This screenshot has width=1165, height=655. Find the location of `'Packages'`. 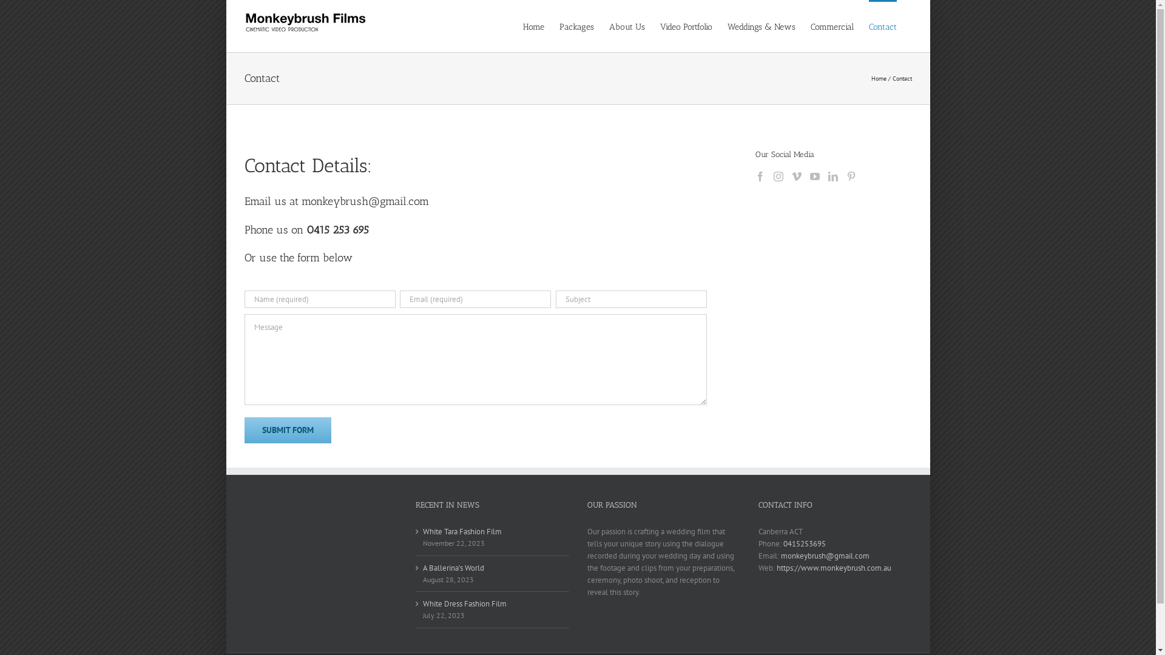

'Packages' is located at coordinates (576, 25).